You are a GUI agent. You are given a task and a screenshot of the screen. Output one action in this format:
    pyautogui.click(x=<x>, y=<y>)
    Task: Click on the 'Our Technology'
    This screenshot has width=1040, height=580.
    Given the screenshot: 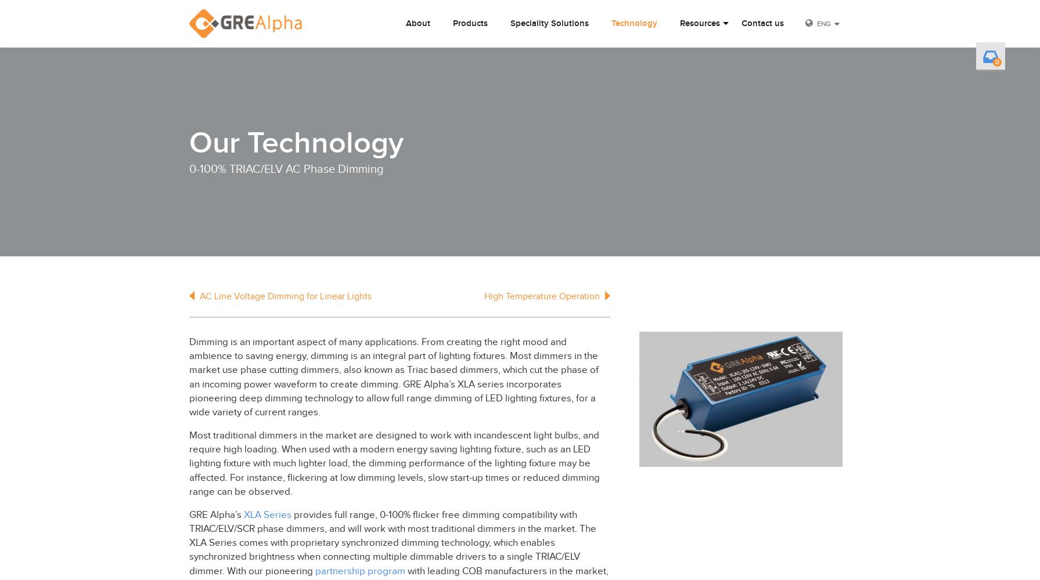 What is the action you would take?
    pyautogui.click(x=296, y=142)
    